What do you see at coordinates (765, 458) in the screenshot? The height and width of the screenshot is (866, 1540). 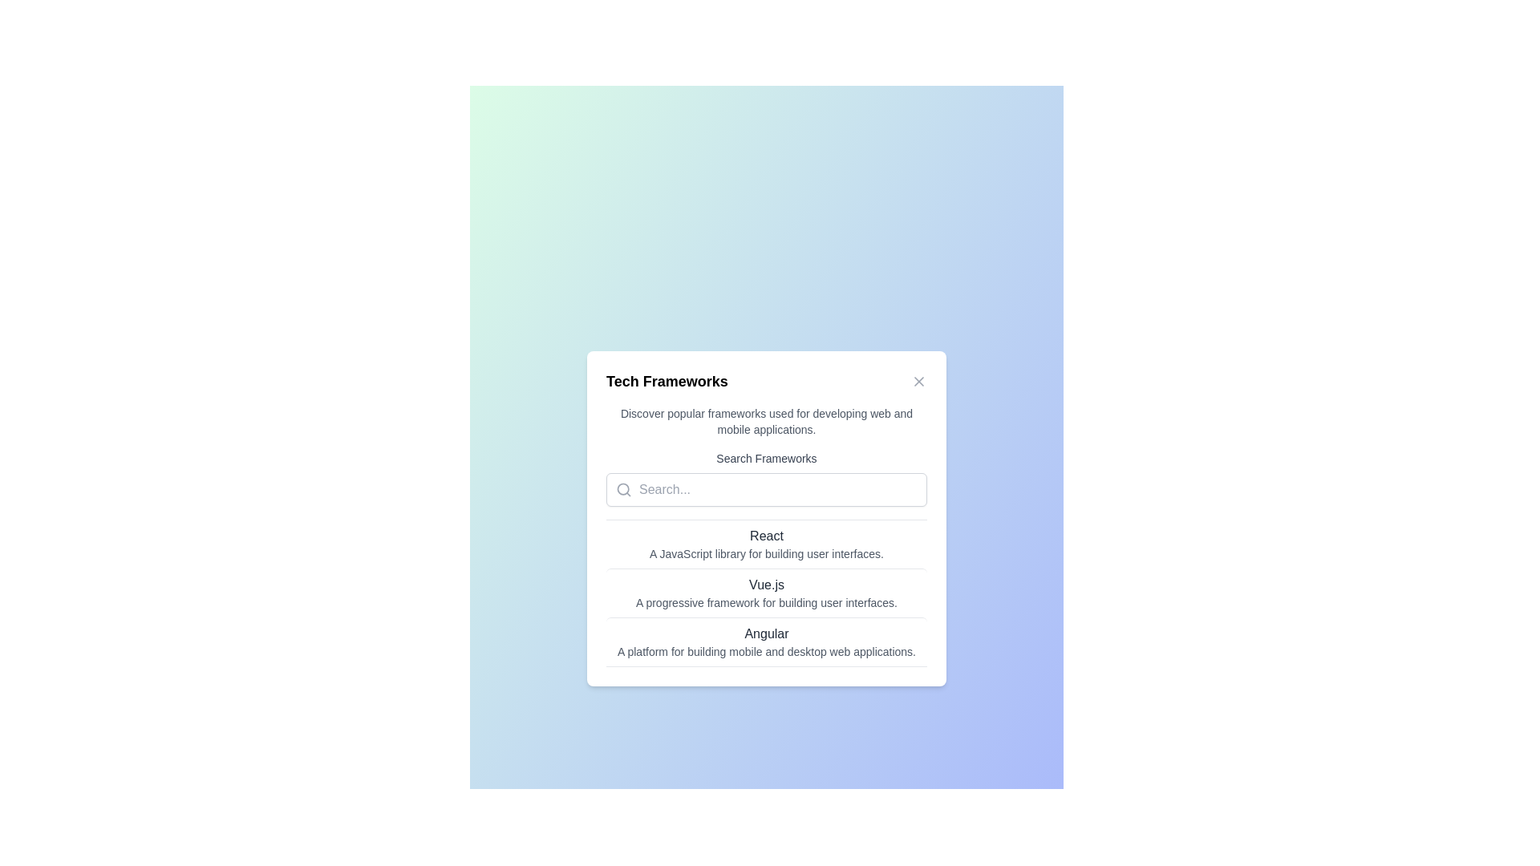 I see `the Text Label that serves as a heading for the search input field, positioned below the subtitle about popular frameworks` at bounding box center [765, 458].